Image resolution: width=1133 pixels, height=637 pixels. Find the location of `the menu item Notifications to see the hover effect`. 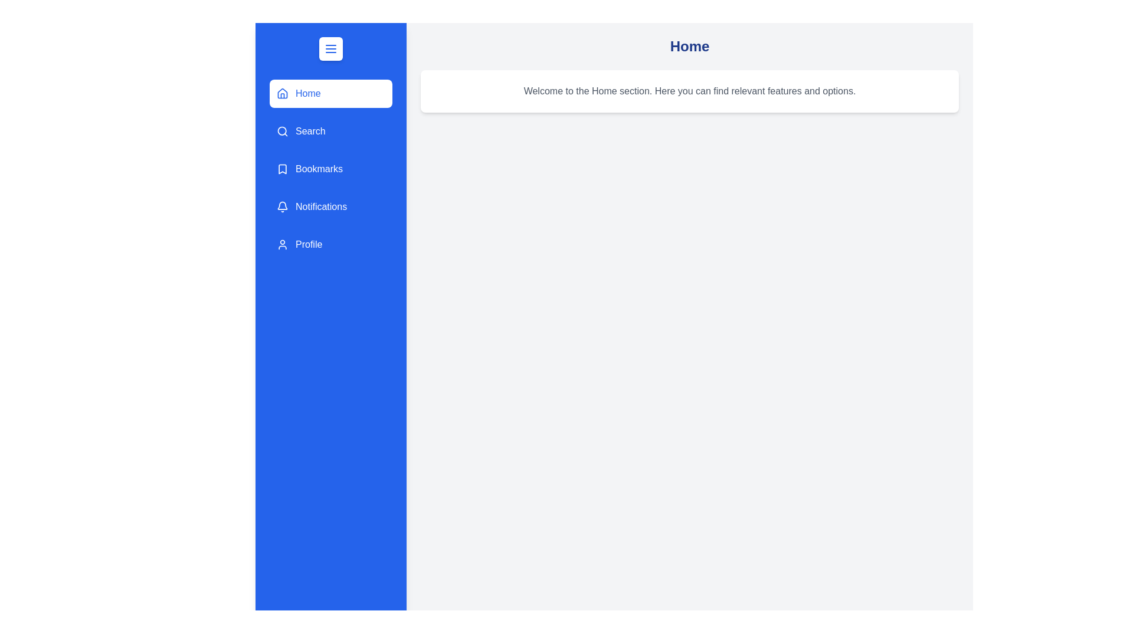

the menu item Notifications to see the hover effect is located at coordinates (330, 206).